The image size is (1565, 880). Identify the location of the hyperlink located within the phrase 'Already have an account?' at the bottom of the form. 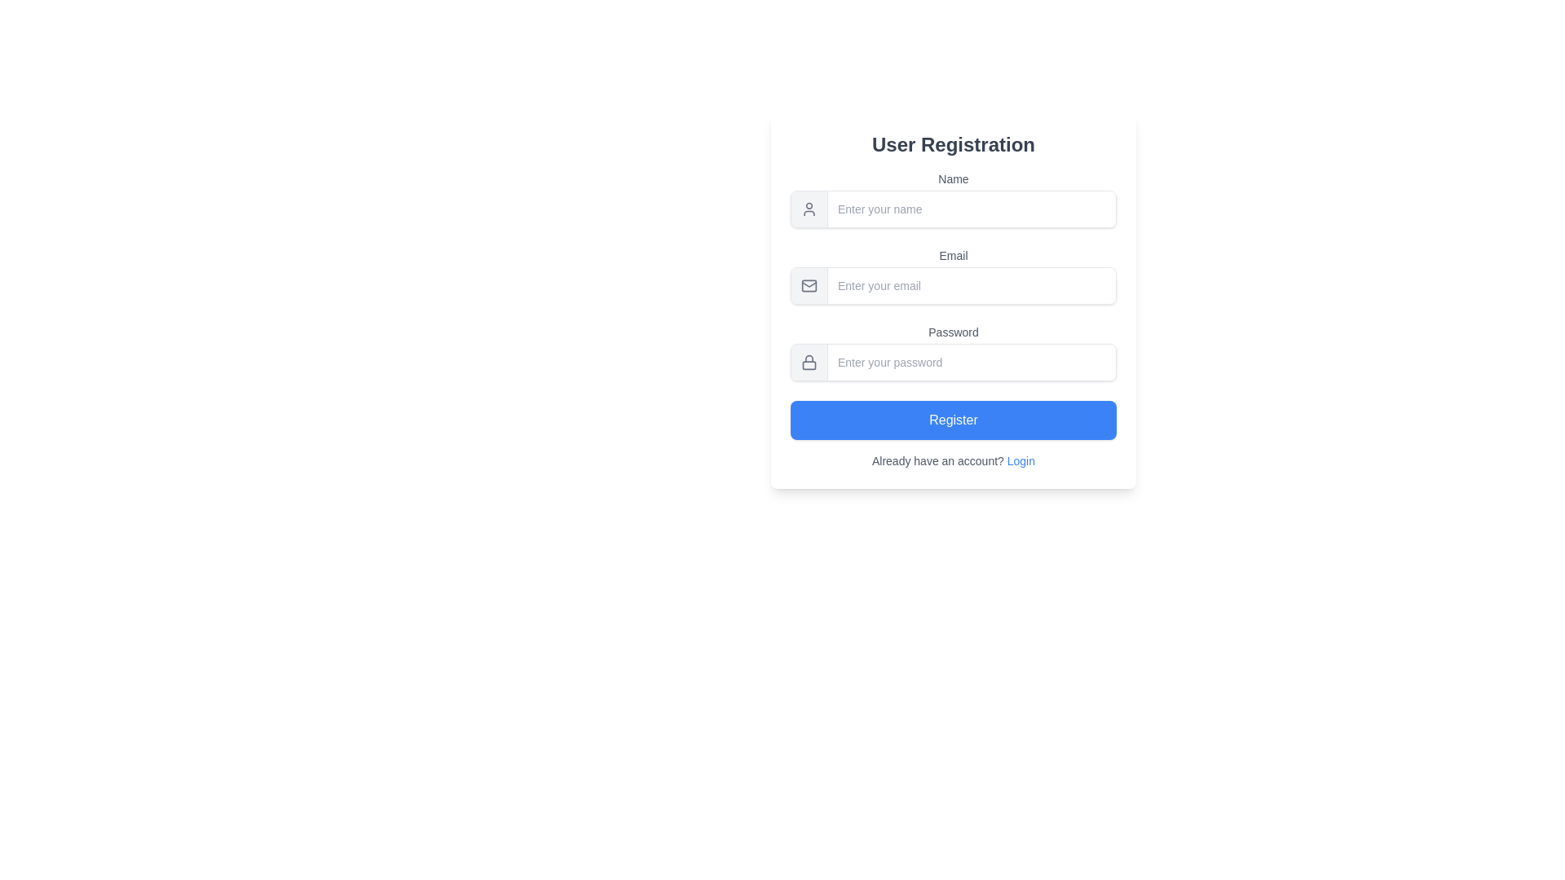
(1020, 461).